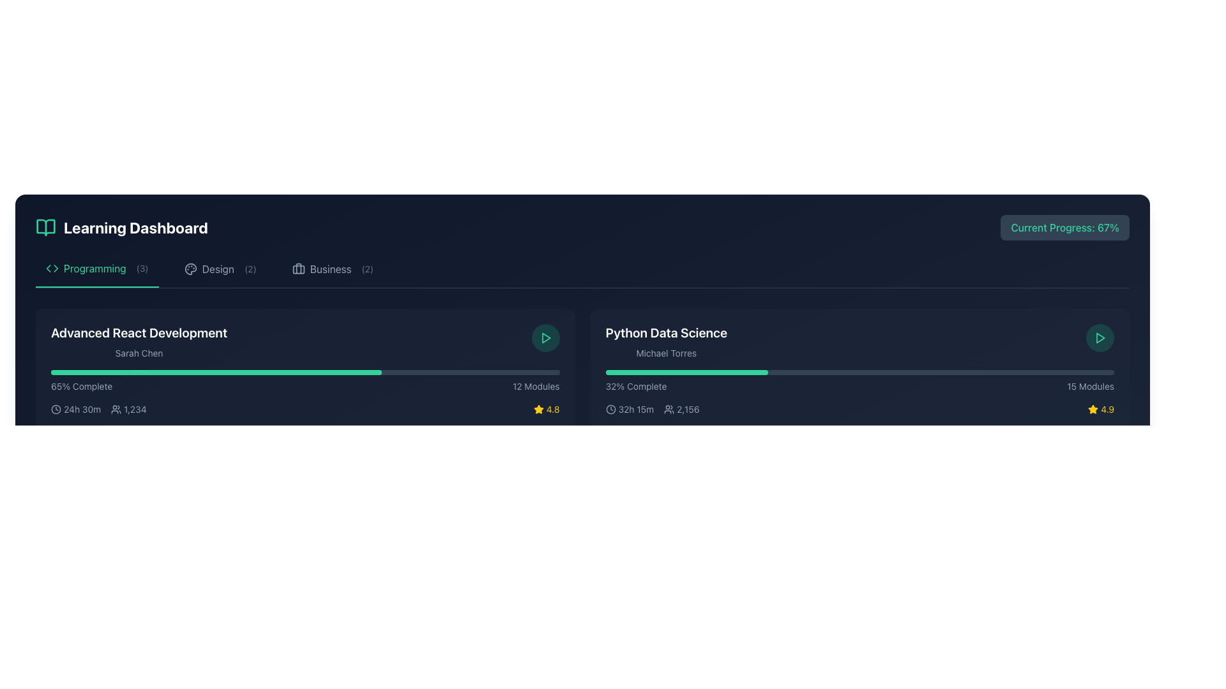 This screenshot has height=689, width=1226. Describe the element at coordinates (610, 409) in the screenshot. I see `the clock icon located on the left side of the text '32h 15m' in the 'Python Data Science' section` at that location.